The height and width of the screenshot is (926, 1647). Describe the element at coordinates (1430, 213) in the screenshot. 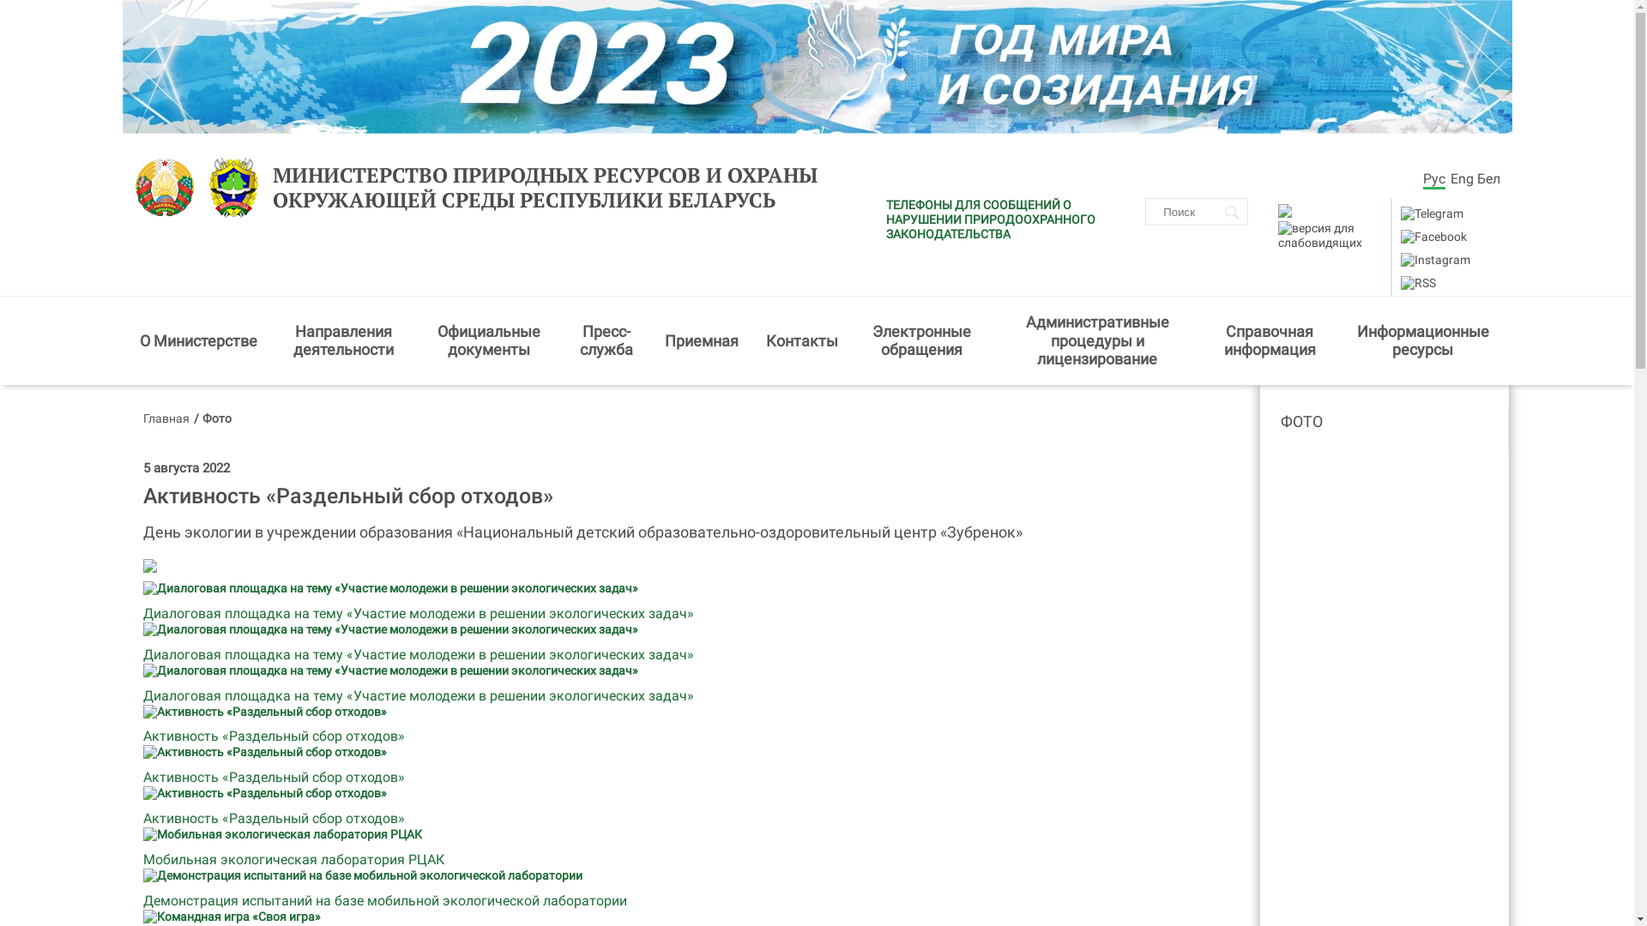

I see `'Telegram'` at that location.